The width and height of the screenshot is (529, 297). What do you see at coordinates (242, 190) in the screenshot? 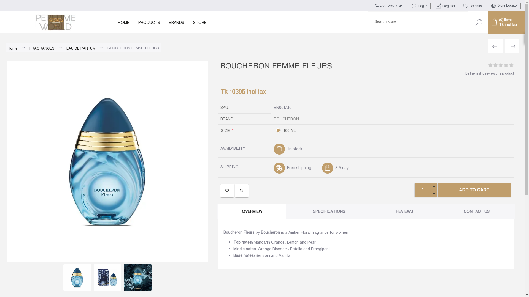
I see `'ADD TO COMPARE LIST'` at bounding box center [242, 190].